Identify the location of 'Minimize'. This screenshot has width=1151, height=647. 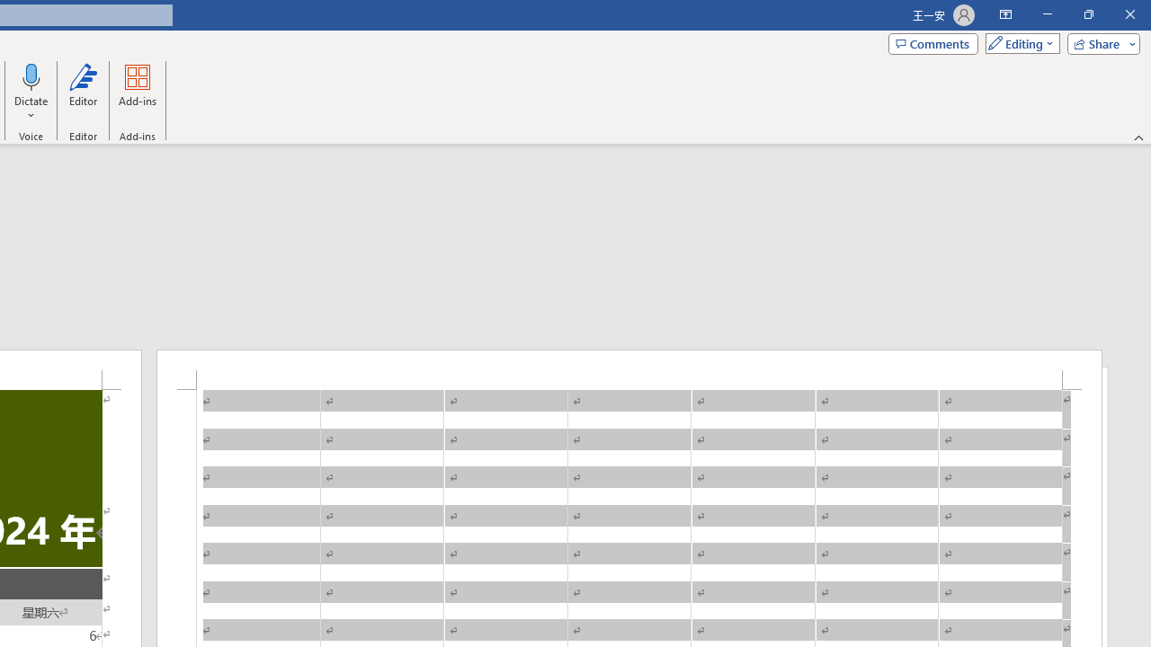
(1047, 14).